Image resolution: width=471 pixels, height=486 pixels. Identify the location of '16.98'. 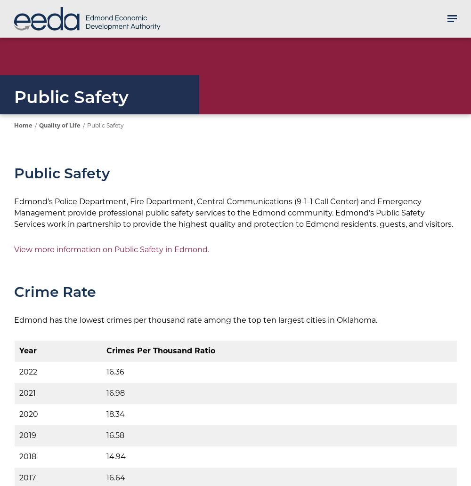
(115, 393).